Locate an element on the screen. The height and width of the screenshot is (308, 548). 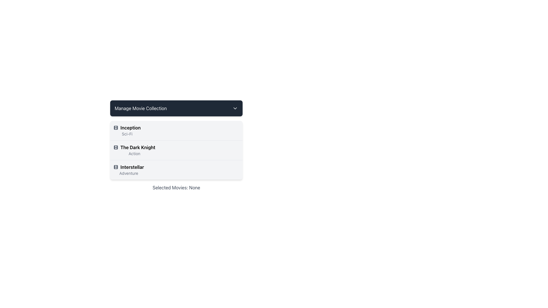
the film reel icon representing the media for 'Interstellar', which is positioned to the left of the text 'Interstellar' and above the description 'Adventure' is located at coordinates (116, 167).